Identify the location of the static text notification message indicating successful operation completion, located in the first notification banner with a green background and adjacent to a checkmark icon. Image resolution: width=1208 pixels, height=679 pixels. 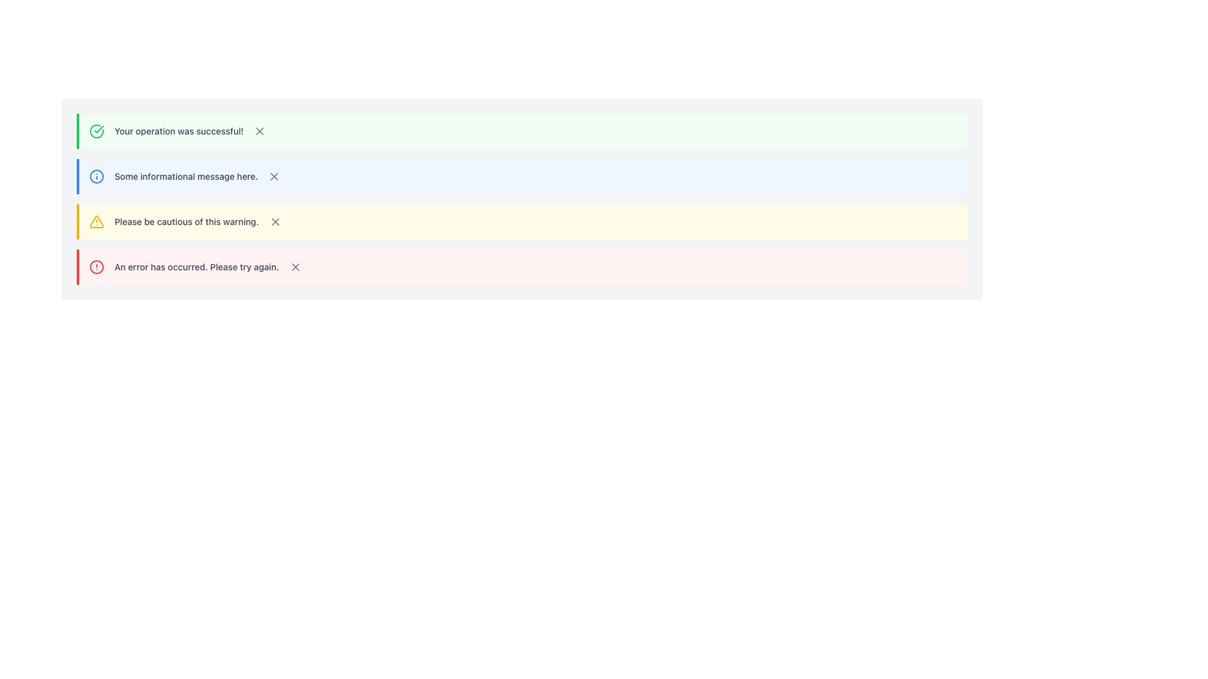
(178, 131).